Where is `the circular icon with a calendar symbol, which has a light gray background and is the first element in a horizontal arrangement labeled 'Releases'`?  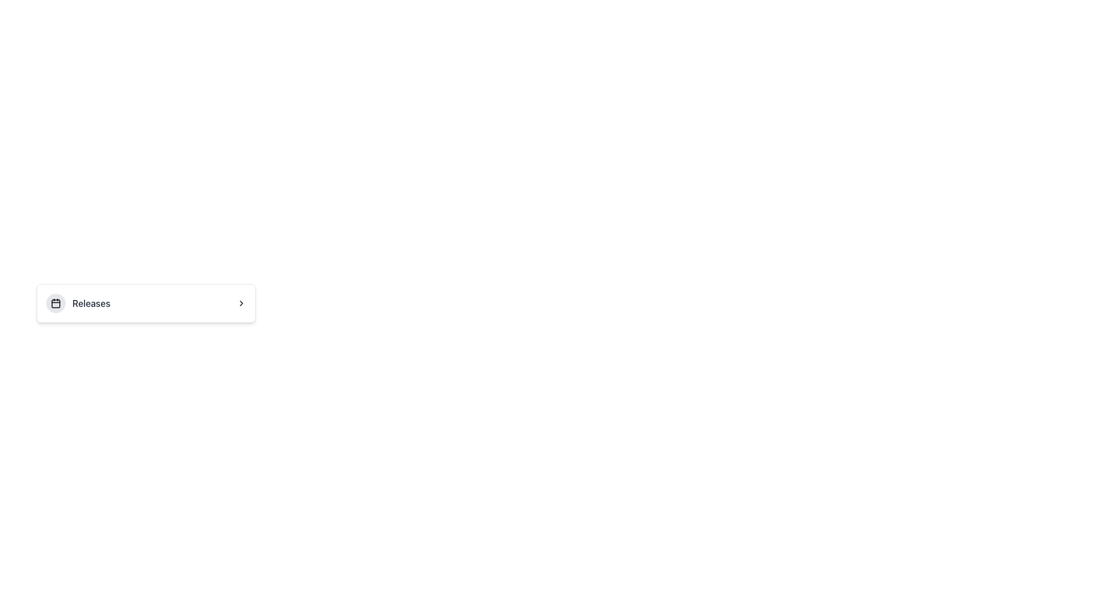 the circular icon with a calendar symbol, which has a light gray background and is the first element in a horizontal arrangement labeled 'Releases' is located at coordinates (55, 303).